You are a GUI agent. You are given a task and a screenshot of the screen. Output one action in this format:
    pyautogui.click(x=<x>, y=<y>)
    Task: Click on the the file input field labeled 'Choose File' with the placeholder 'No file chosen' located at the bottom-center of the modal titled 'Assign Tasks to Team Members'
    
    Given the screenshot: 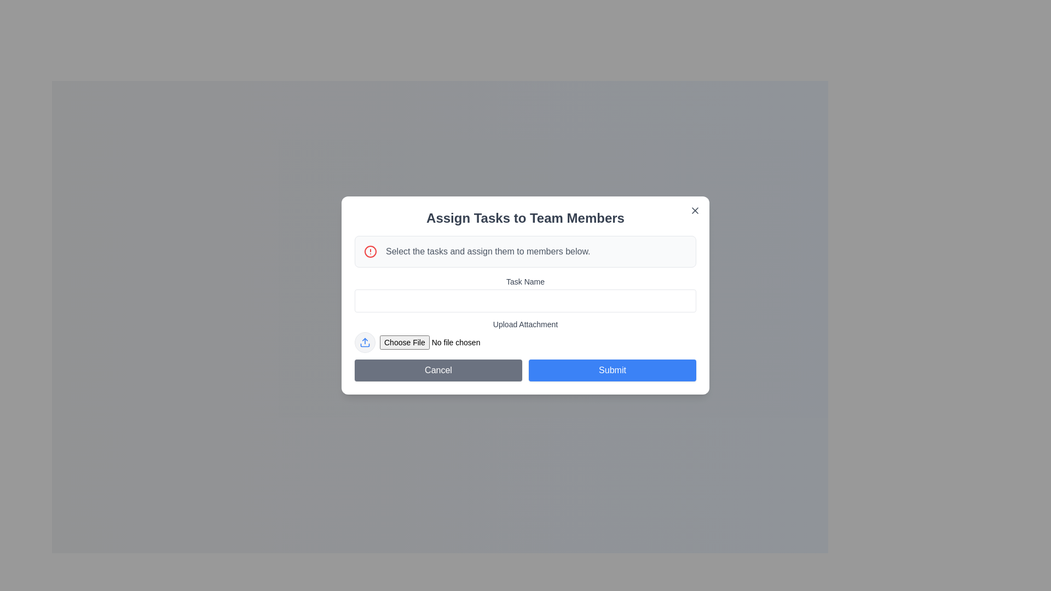 What is the action you would take?
    pyautogui.click(x=538, y=341)
    